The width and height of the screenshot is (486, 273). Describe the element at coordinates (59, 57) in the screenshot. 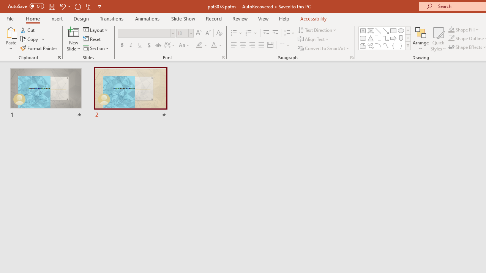

I see `'Office Clipboard...'` at that location.